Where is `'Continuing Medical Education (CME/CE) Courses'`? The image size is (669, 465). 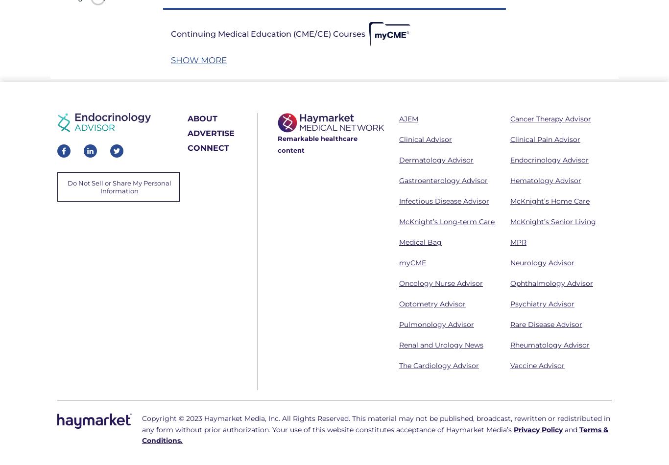 'Continuing Medical Education (CME/CE) Courses' is located at coordinates (170, 33).